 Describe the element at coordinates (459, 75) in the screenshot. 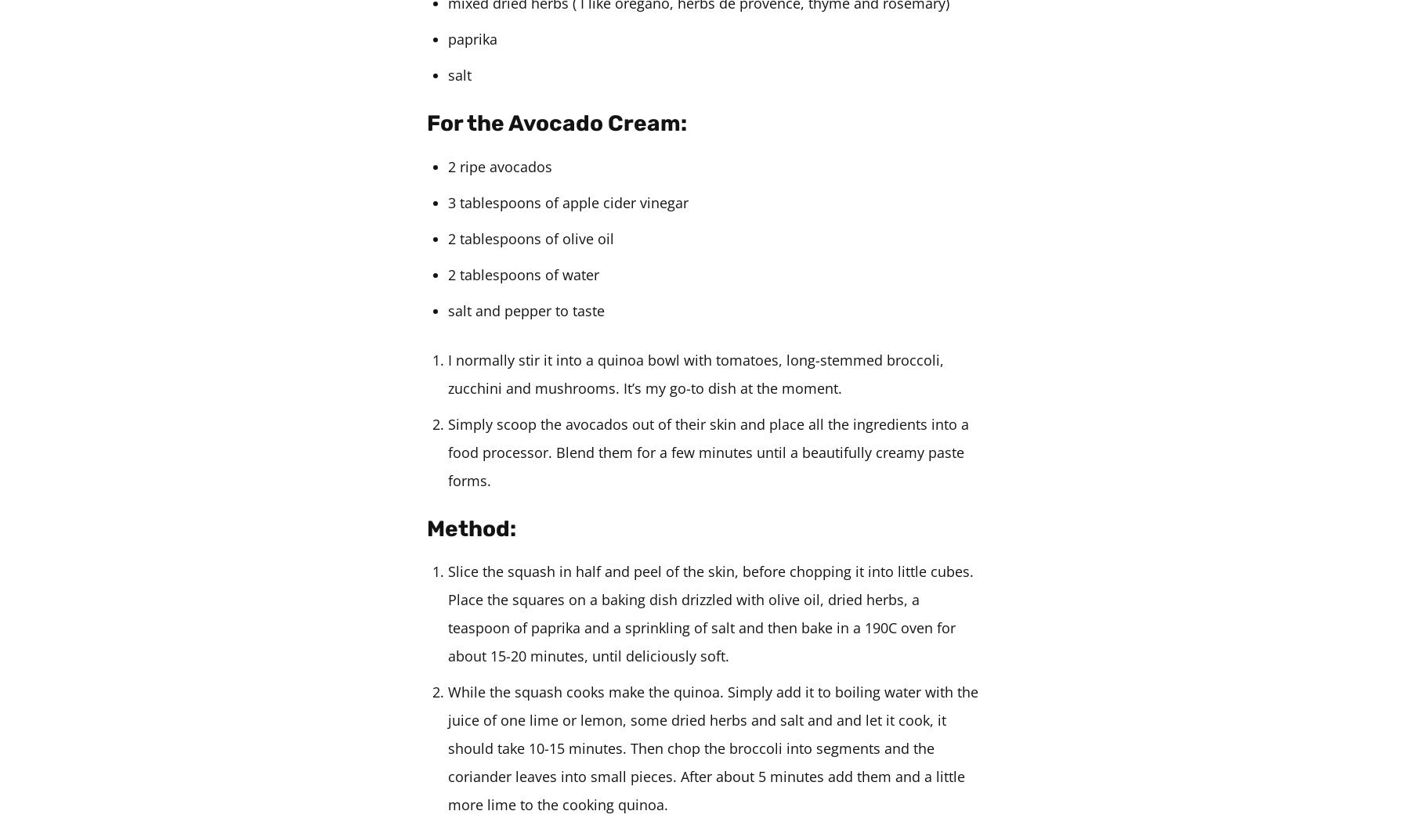

I see `'salt'` at that location.